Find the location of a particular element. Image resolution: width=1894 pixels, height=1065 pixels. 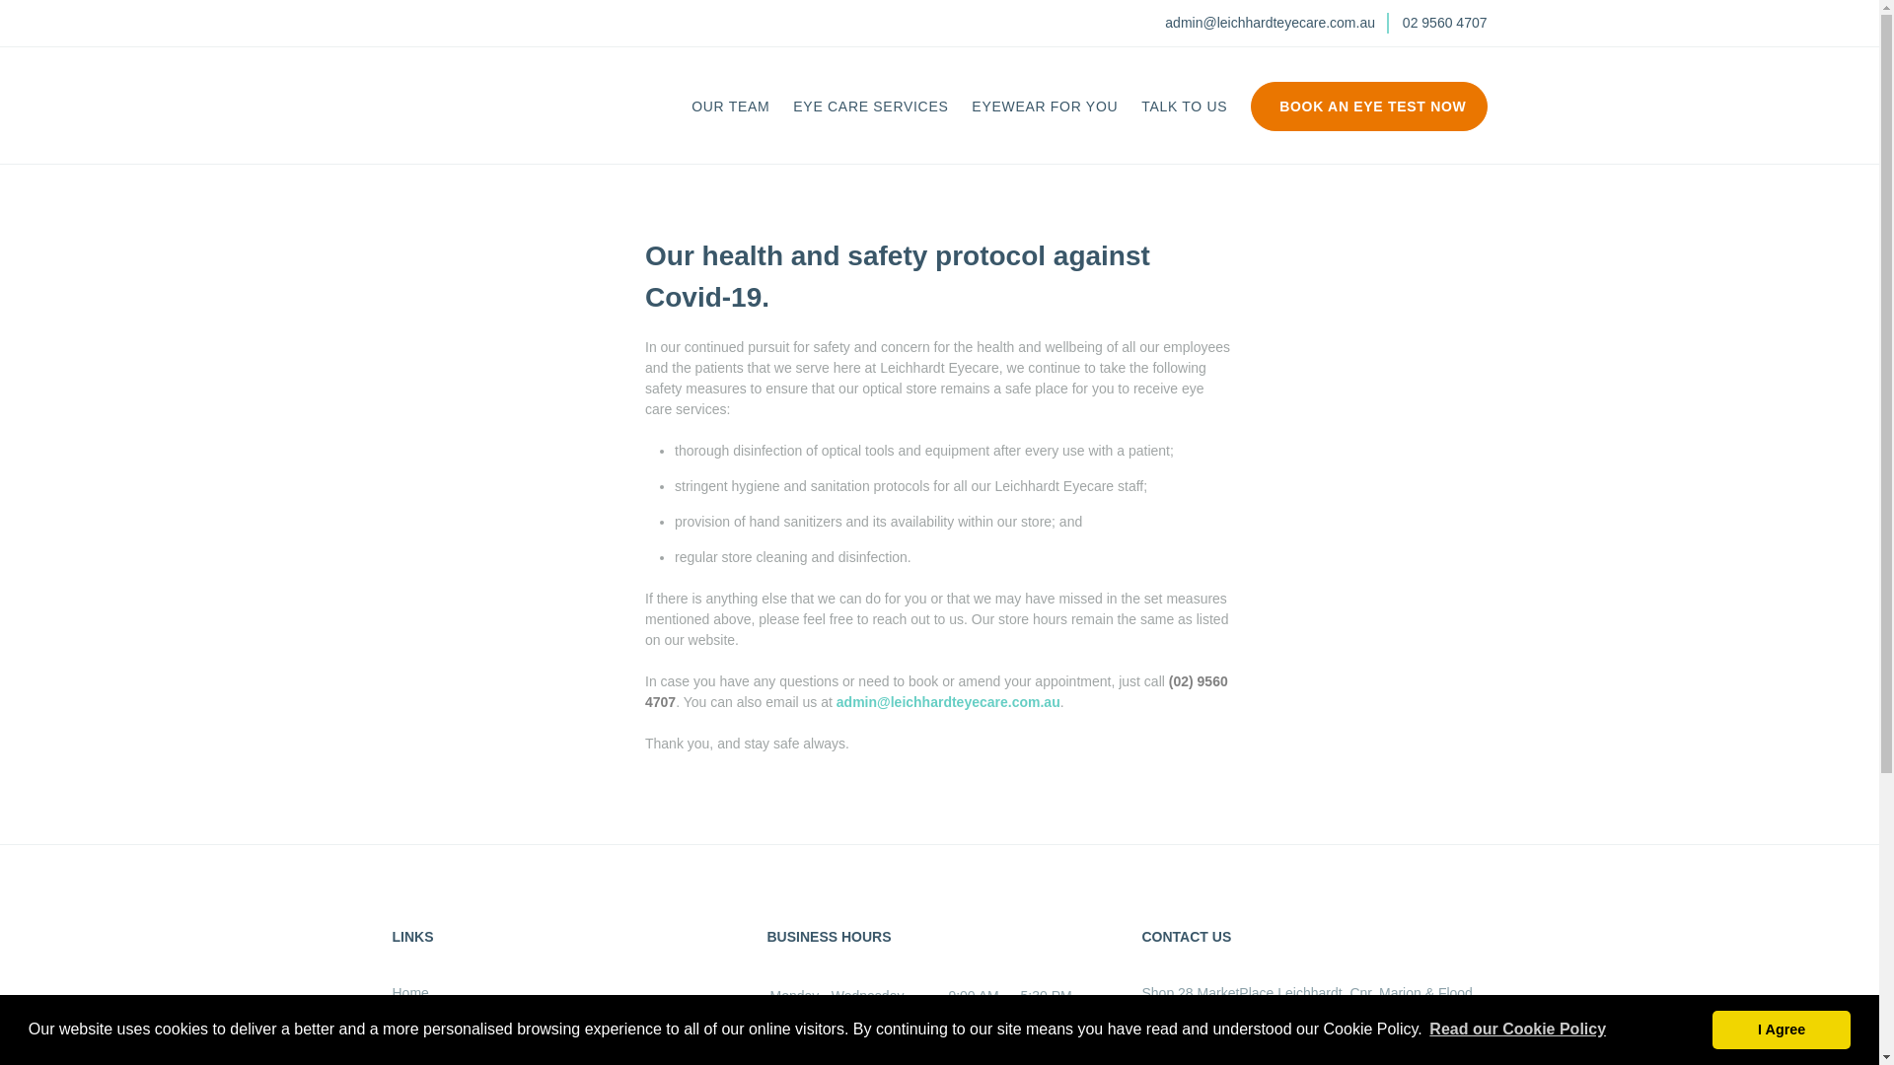

'I Agree' is located at coordinates (1781, 1029).